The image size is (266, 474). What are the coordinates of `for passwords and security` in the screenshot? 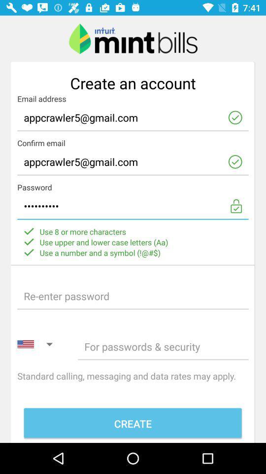 It's located at (163, 346).